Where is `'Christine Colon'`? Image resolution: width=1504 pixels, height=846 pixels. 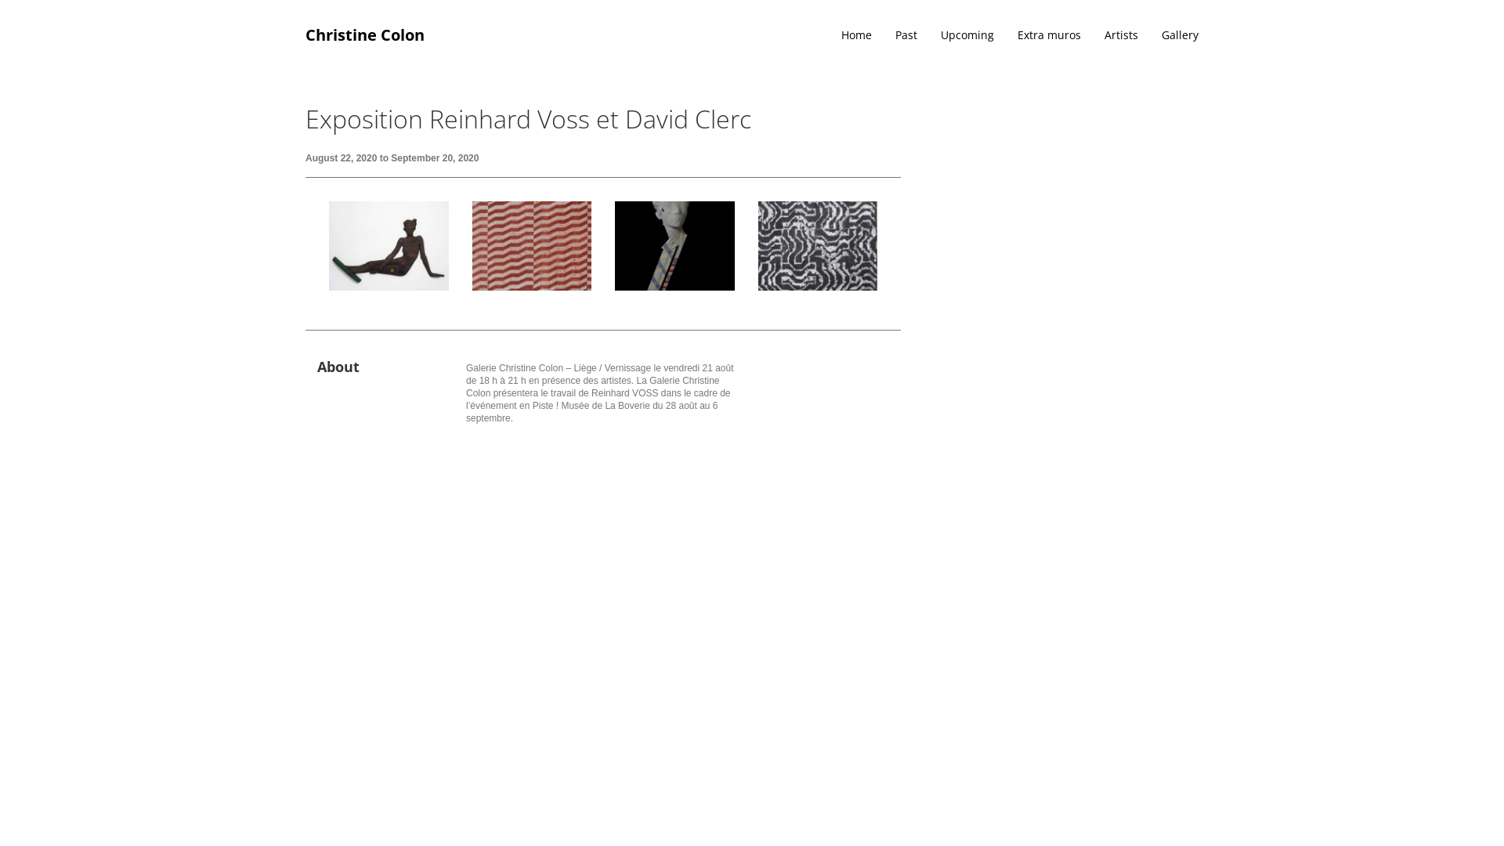
'Christine Colon' is located at coordinates (363, 35).